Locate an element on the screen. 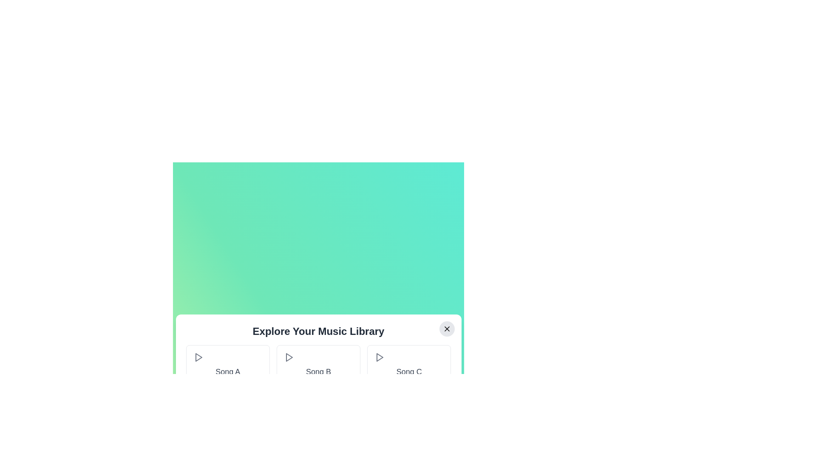  the song title Song B for inspection is located at coordinates (317, 371).